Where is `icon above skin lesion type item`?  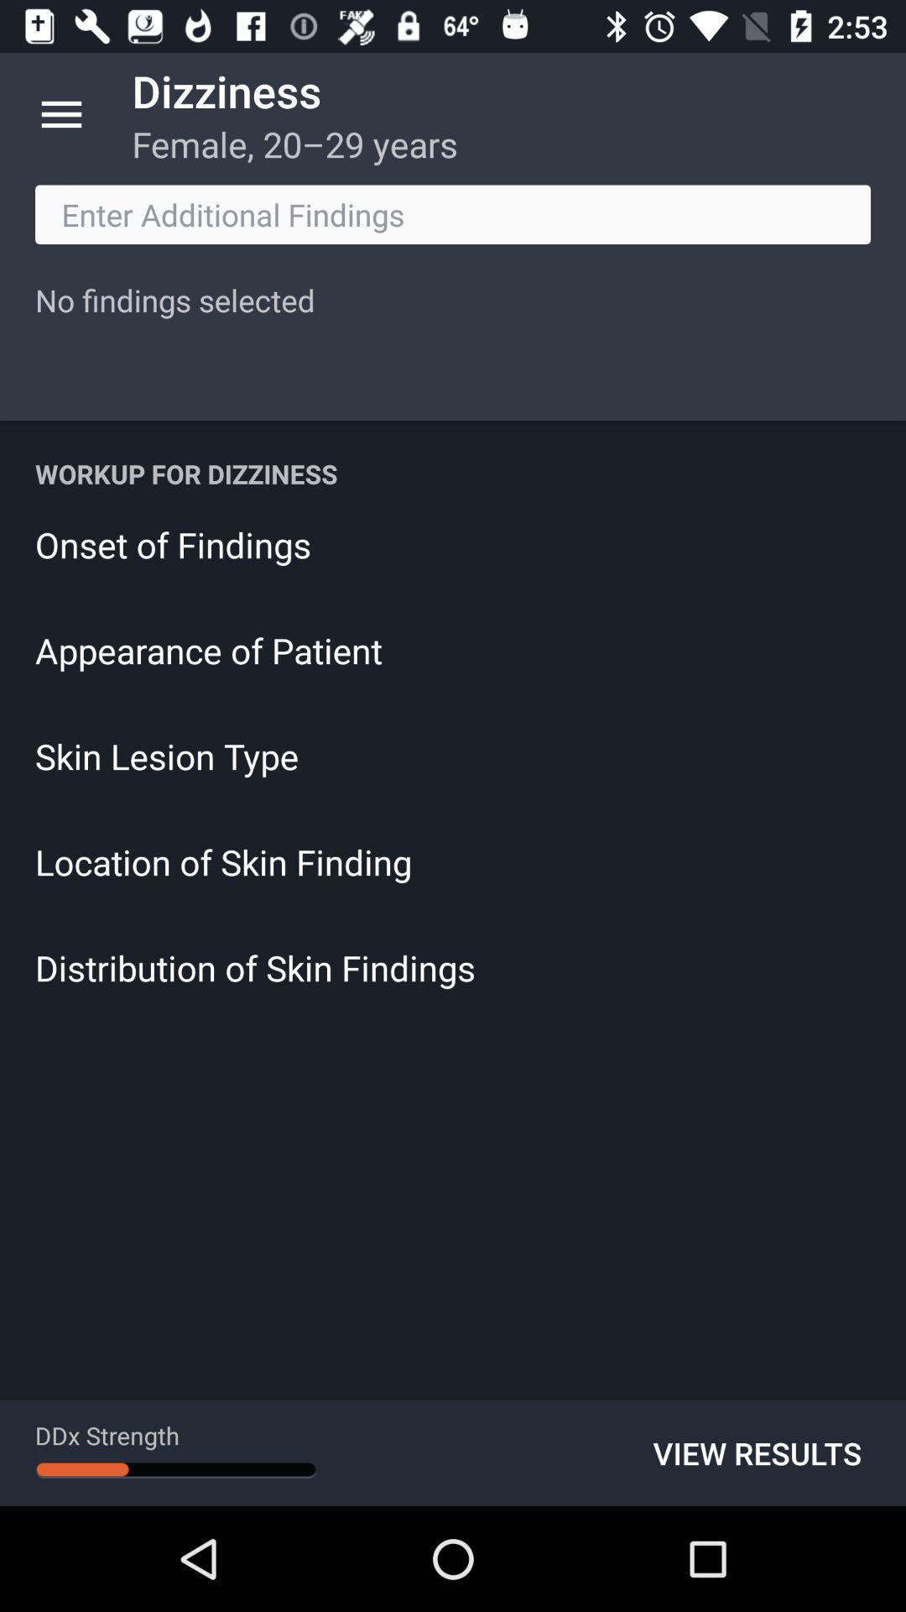 icon above skin lesion type item is located at coordinates (453, 649).